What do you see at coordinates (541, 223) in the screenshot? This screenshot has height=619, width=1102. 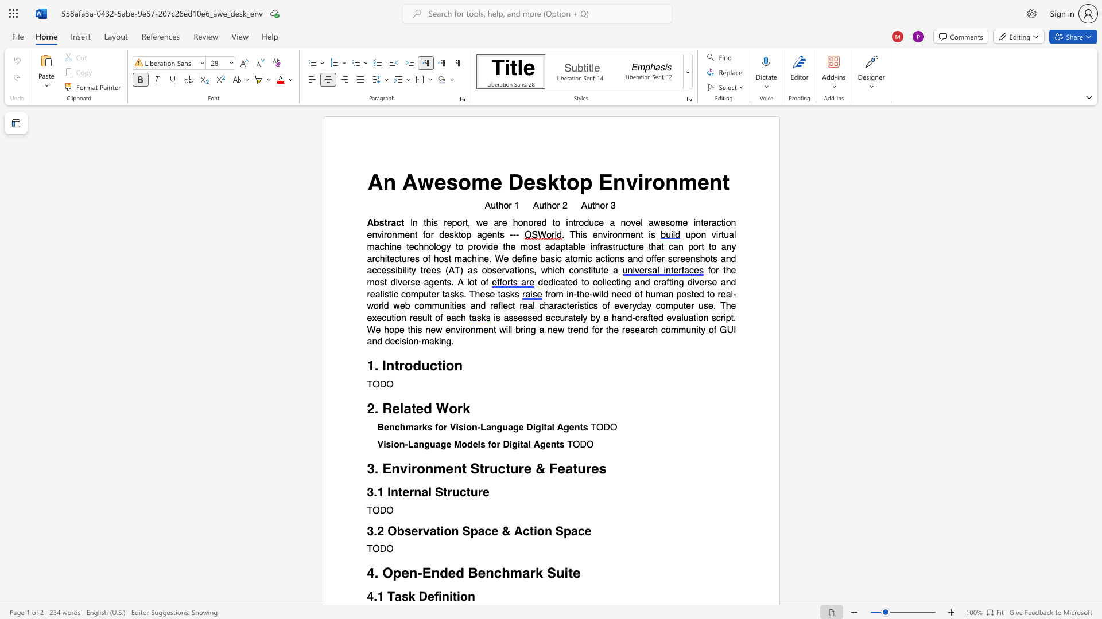 I see `the space between the continuous character "e" and "d" in the text` at bounding box center [541, 223].